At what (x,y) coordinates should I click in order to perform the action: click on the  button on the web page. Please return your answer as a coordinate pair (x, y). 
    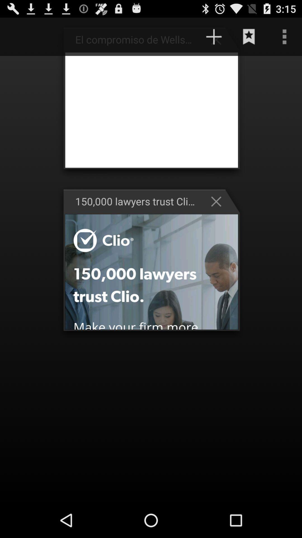
    Looking at the image, I should click on (219, 39).